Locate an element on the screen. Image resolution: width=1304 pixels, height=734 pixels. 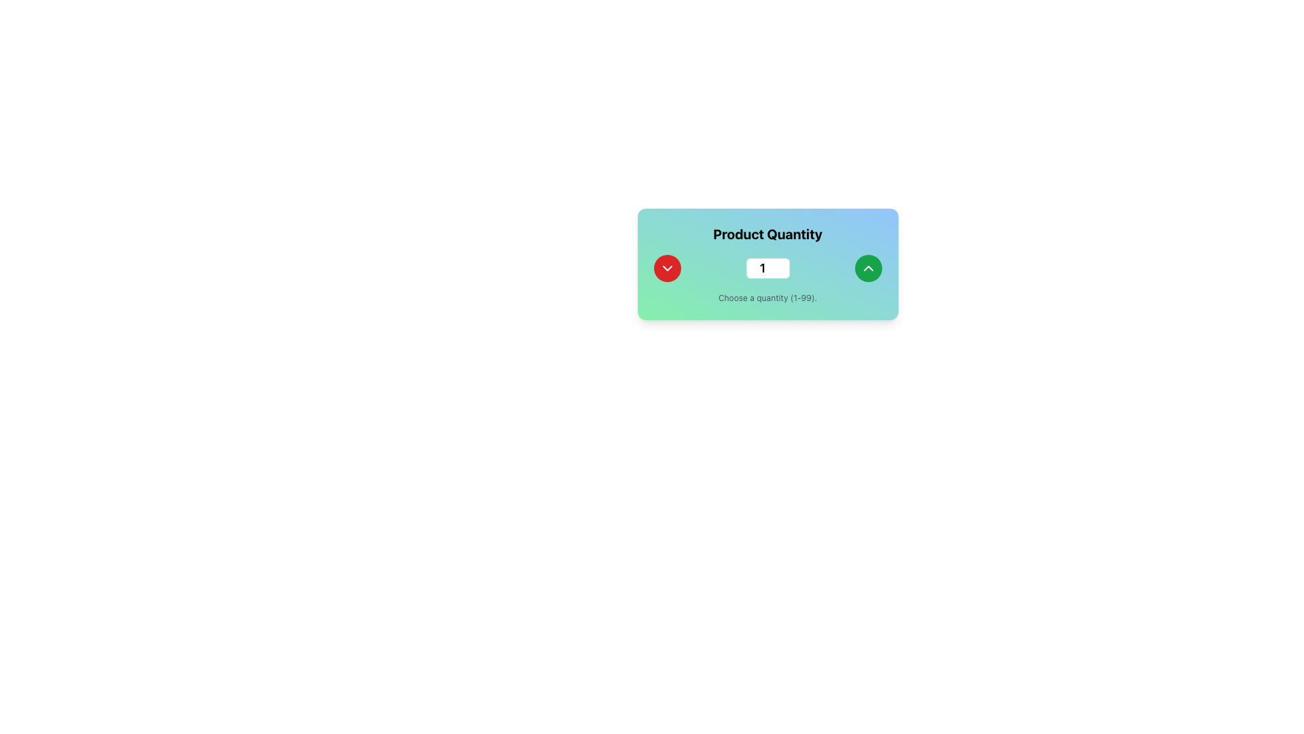
the leftmost decrement button for reducing the product quantity, which is located on the left side of the product quantity adjustment area is located at coordinates (667, 268).